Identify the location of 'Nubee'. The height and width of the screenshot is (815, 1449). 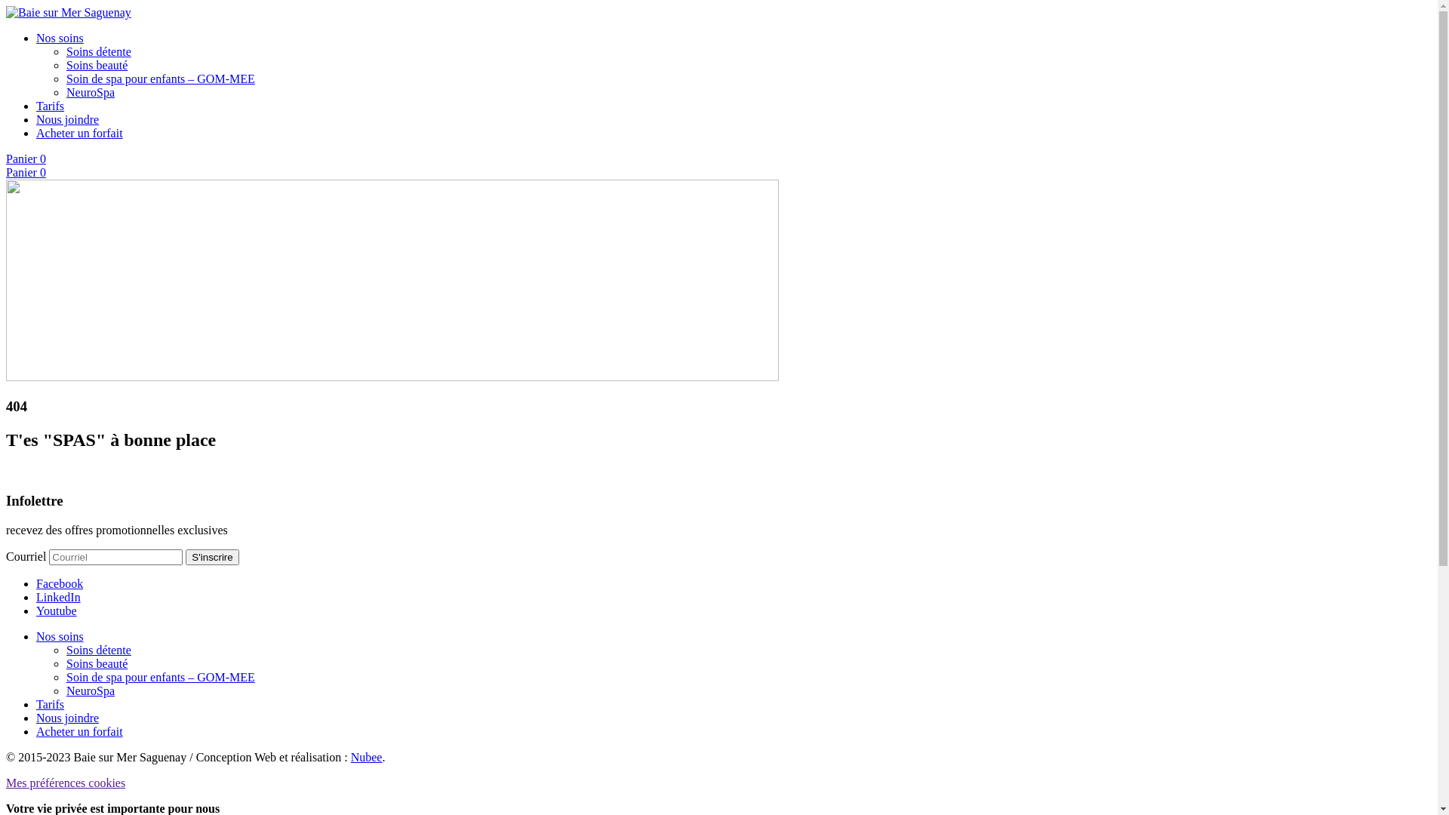
(366, 757).